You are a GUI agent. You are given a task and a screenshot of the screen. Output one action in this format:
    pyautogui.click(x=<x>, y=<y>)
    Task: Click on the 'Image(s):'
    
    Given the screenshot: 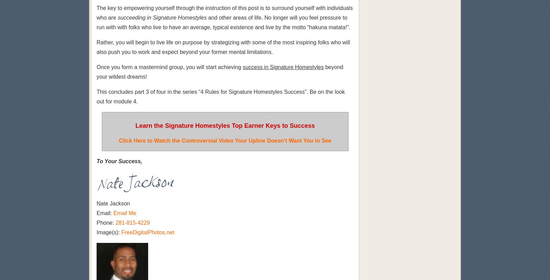 What is the action you would take?
    pyautogui.click(x=109, y=232)
    